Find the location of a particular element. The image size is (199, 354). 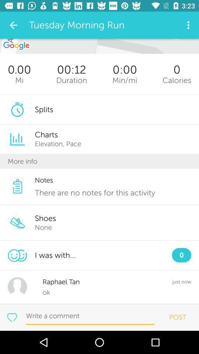

icon to the left of the tuesday morning run is located at coordinates (13, 25).